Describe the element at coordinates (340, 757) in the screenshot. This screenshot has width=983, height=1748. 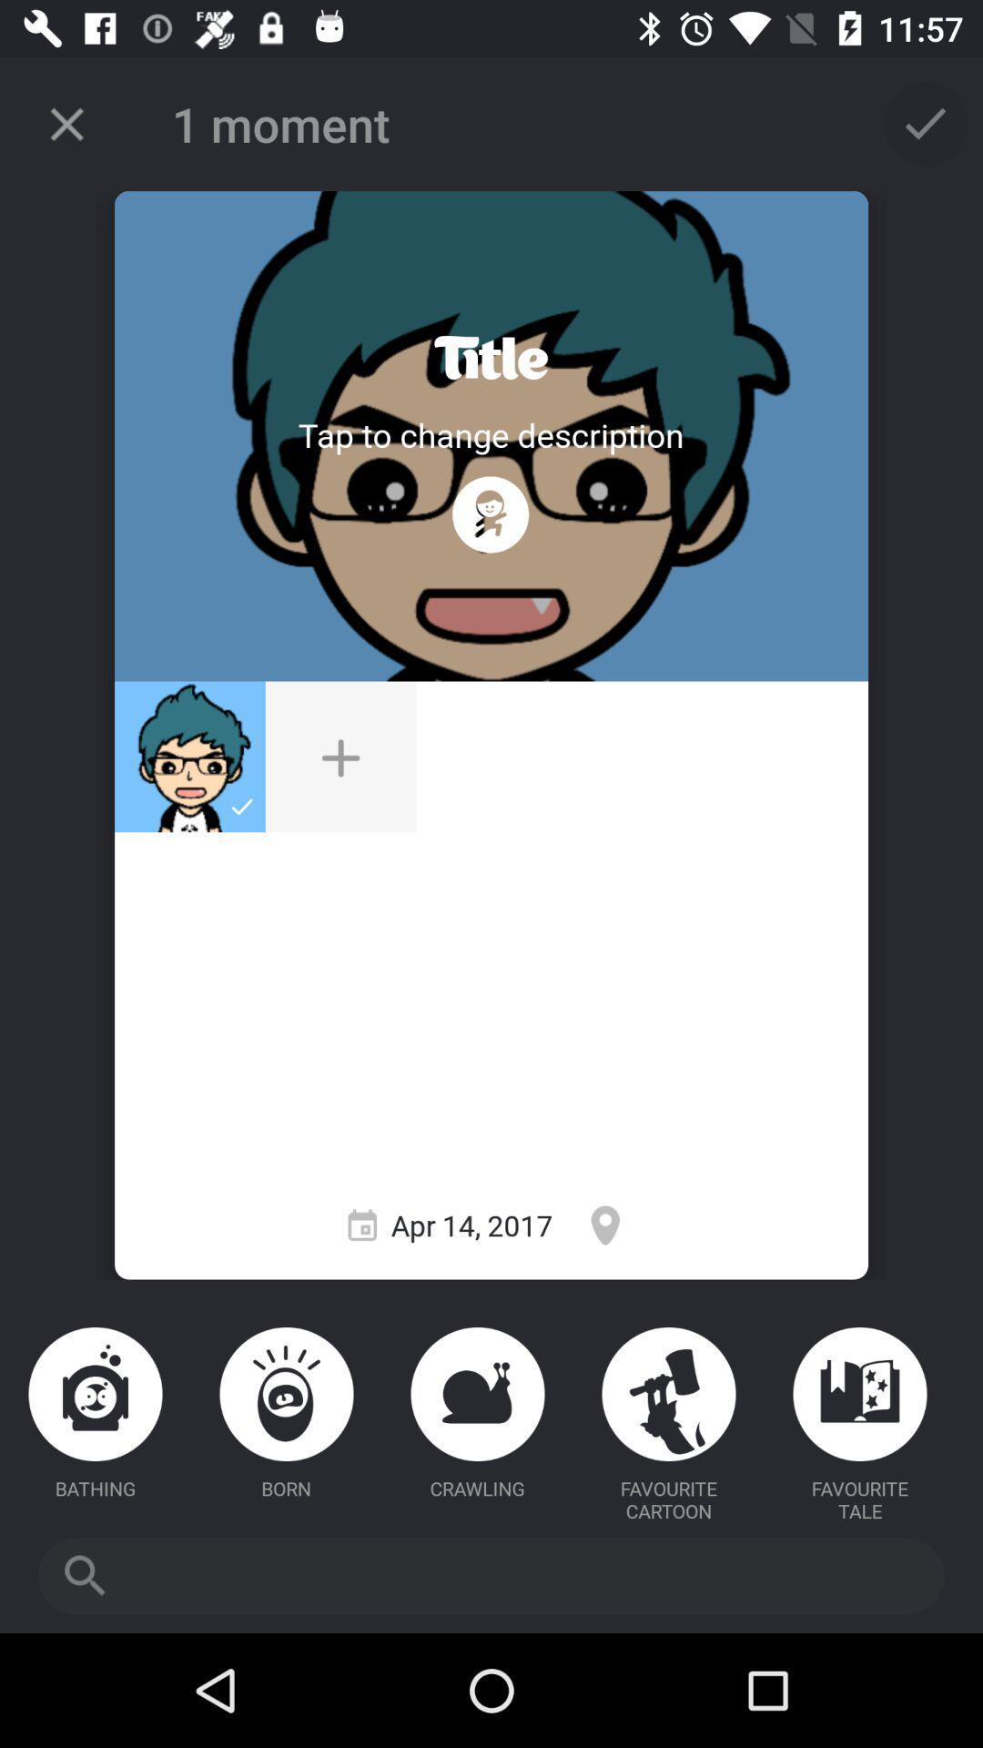
I see `additional photo` at that location.